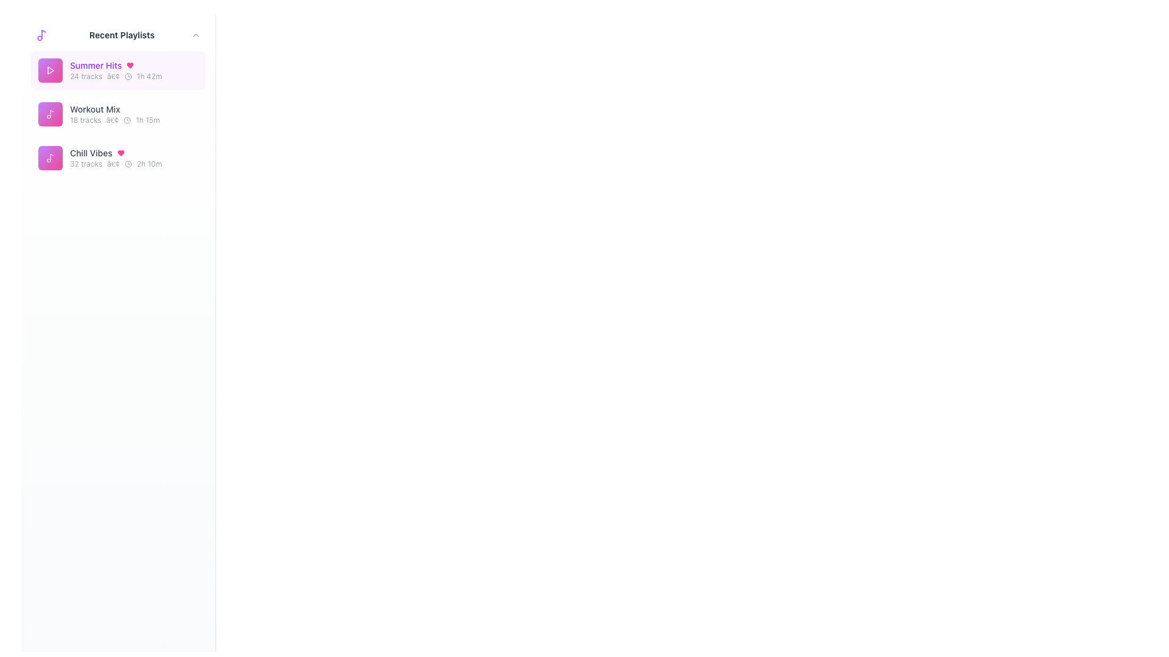 This screenshot has height=657, width=1169. What do you see at coordinates (121, 152) in the screenshot?
I see `the small pink heart icon next to the 'Chill Vibes' text` at bounding box center [121, 152].